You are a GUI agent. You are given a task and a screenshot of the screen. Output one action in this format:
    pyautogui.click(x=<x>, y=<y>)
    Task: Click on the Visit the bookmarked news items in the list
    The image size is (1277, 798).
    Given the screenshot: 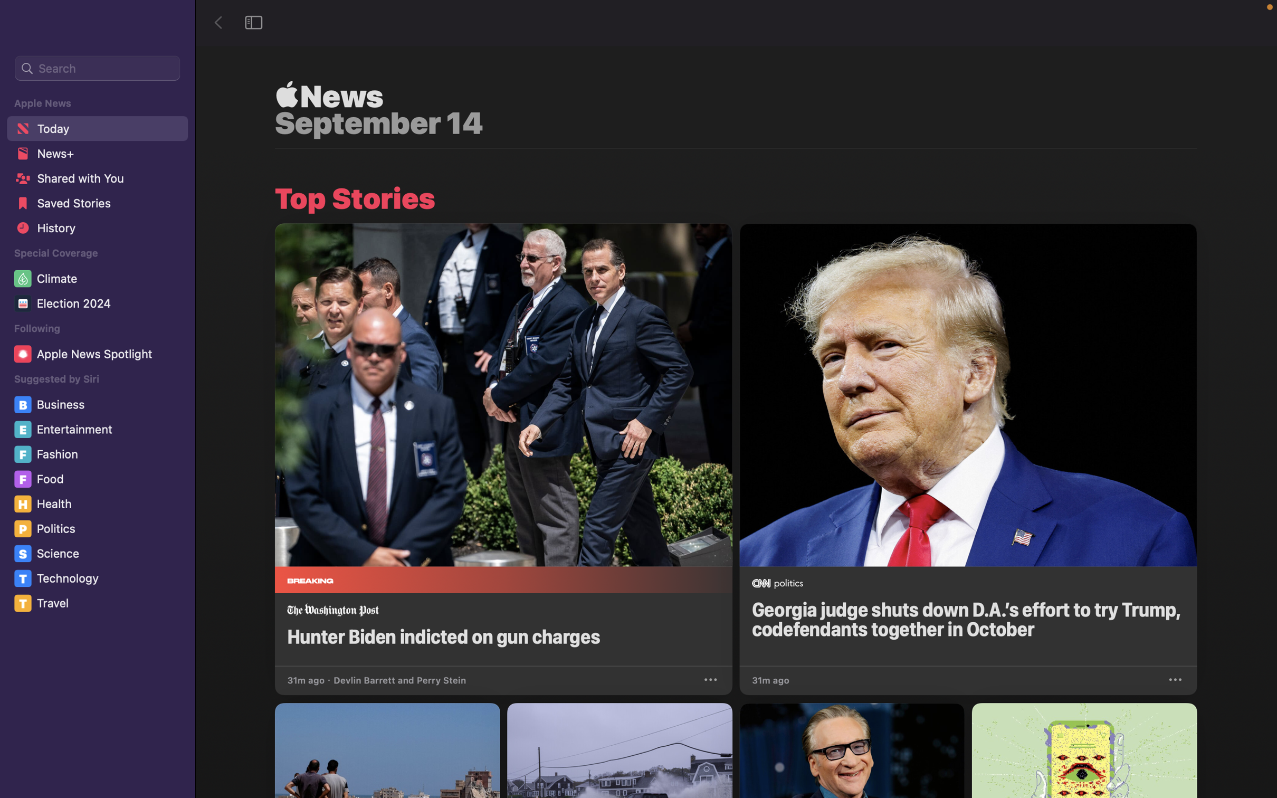 What is the action you would take?
    pyautogui.click(x=96, y=205)
    